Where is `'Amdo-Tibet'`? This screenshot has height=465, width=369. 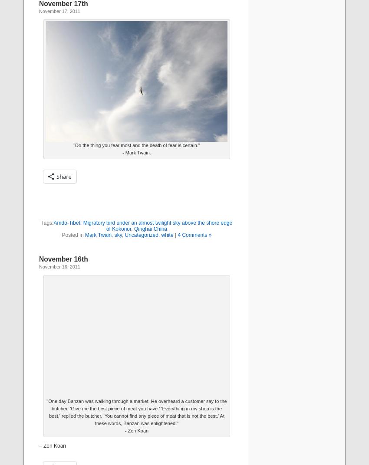 'Amdo-Tibet' is located at coordinates (67, 223).